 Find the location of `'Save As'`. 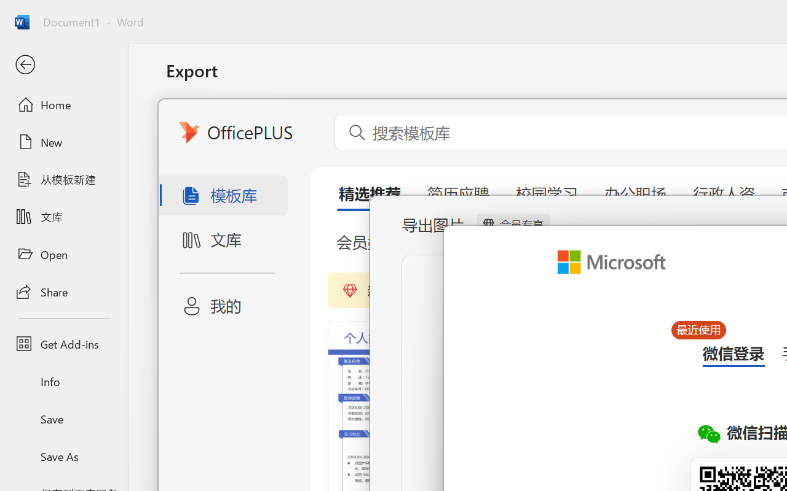

'Save As' is located at coordinates (63, 456).